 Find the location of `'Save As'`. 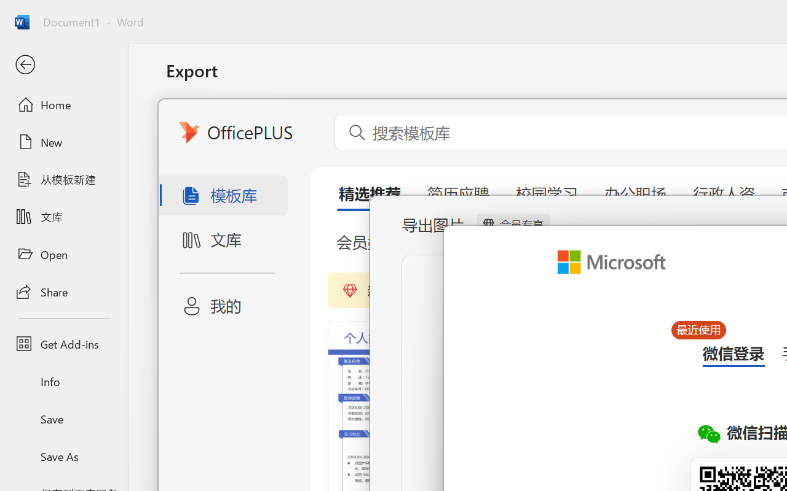

'Save As' is located at coordinates (63, 456).